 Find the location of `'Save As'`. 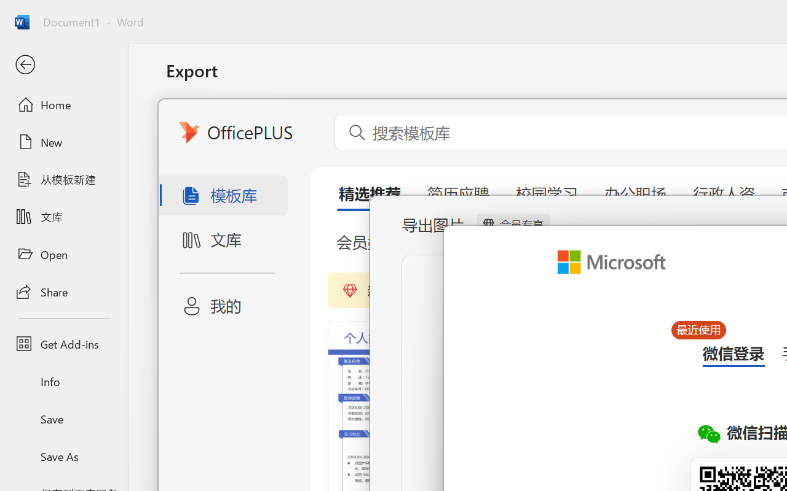

'Save As' is located at coordinates (63, 456).